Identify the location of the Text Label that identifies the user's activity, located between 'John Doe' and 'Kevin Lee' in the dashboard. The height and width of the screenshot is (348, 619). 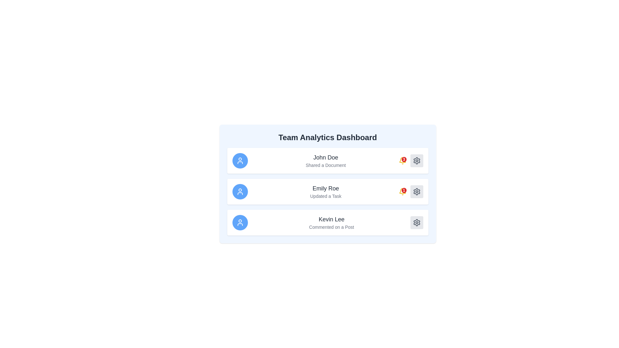
(326, 188).